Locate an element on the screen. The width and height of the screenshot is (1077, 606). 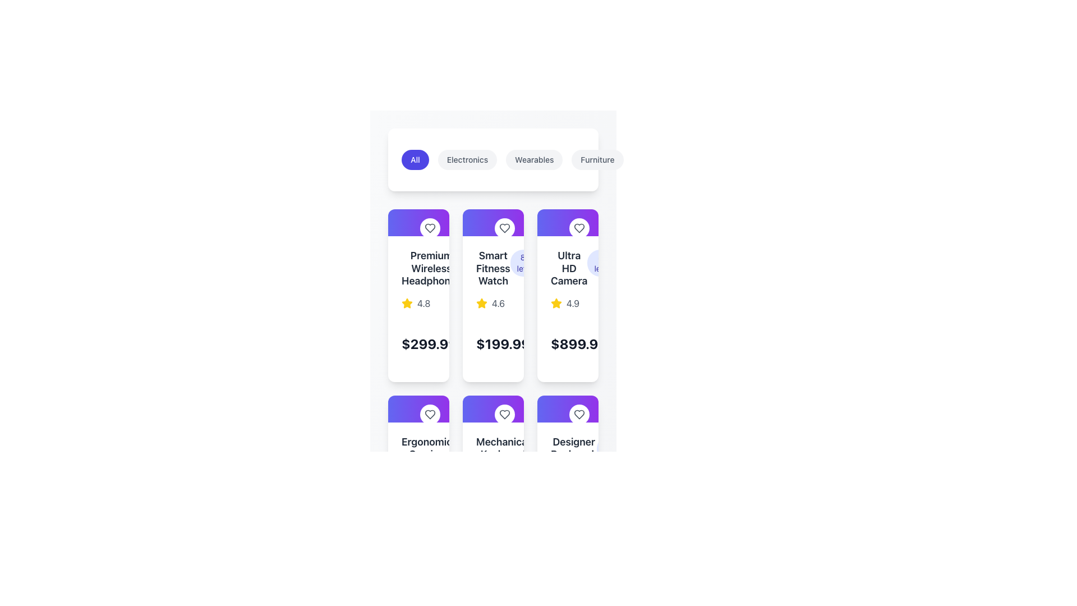
the 'Add to Cart' button on the Product Listing Card for 'Ergonomic Gaming Chair', which is located in the bottom left section of the grid layout is located at coordinates (418, 481).